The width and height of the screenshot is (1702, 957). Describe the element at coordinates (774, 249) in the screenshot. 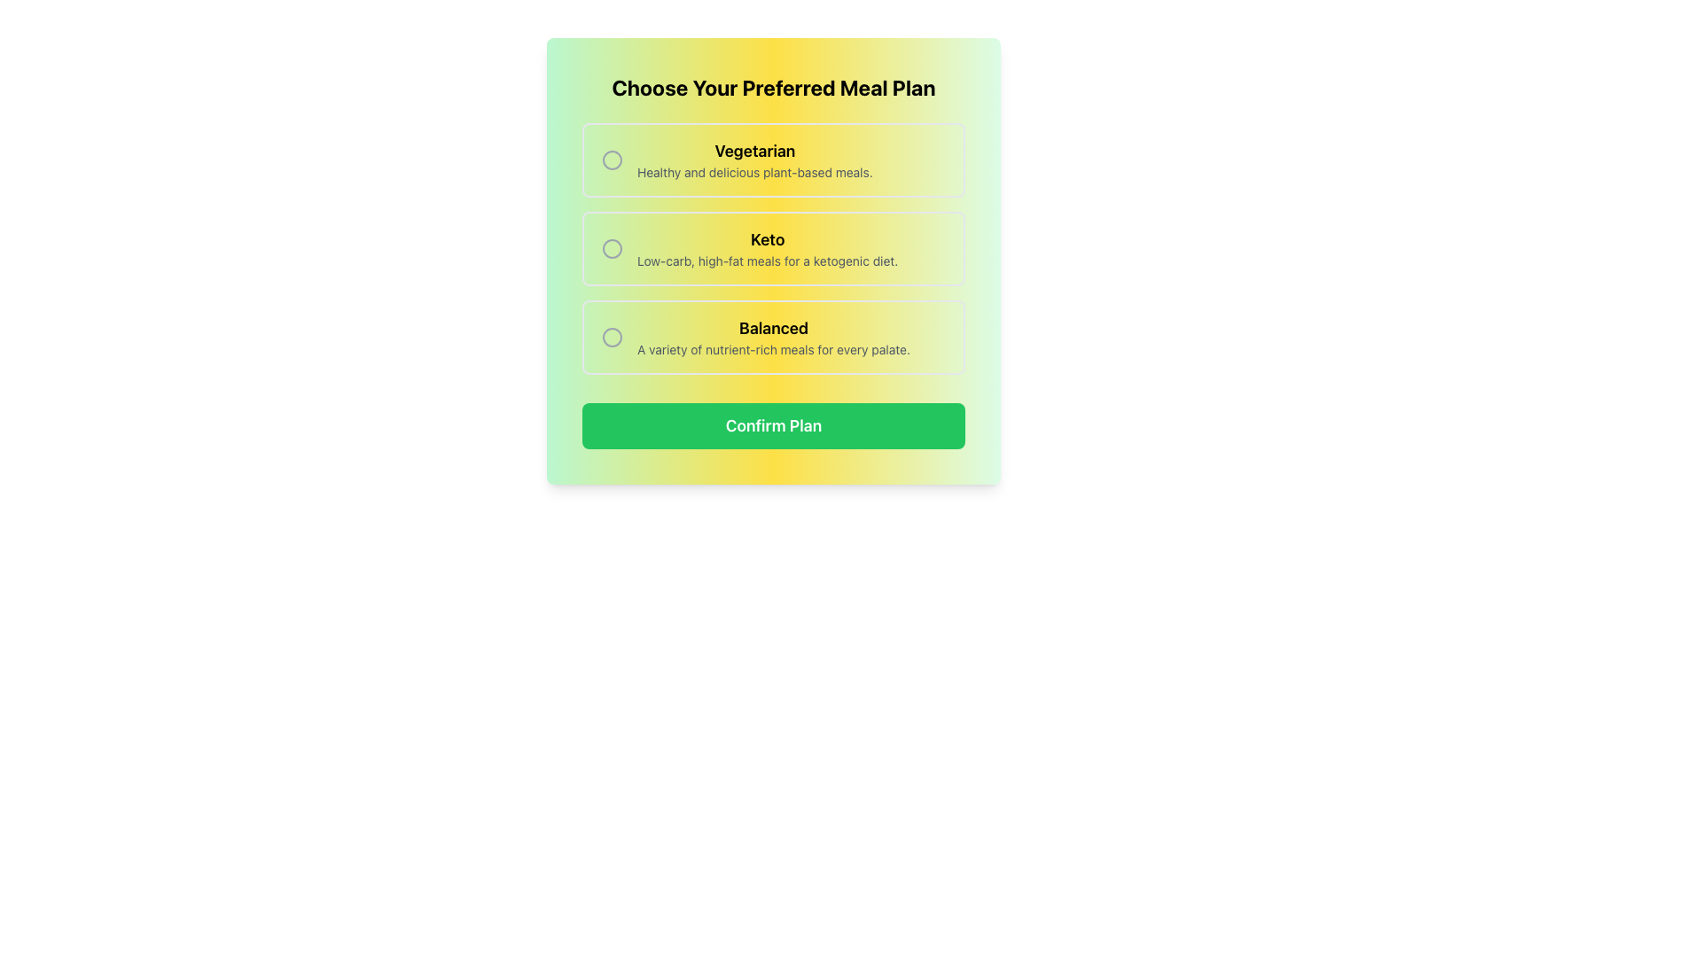

I see `the selectable list item for meal plan selection, specifically the highlighted option 'Keto'` at that location.